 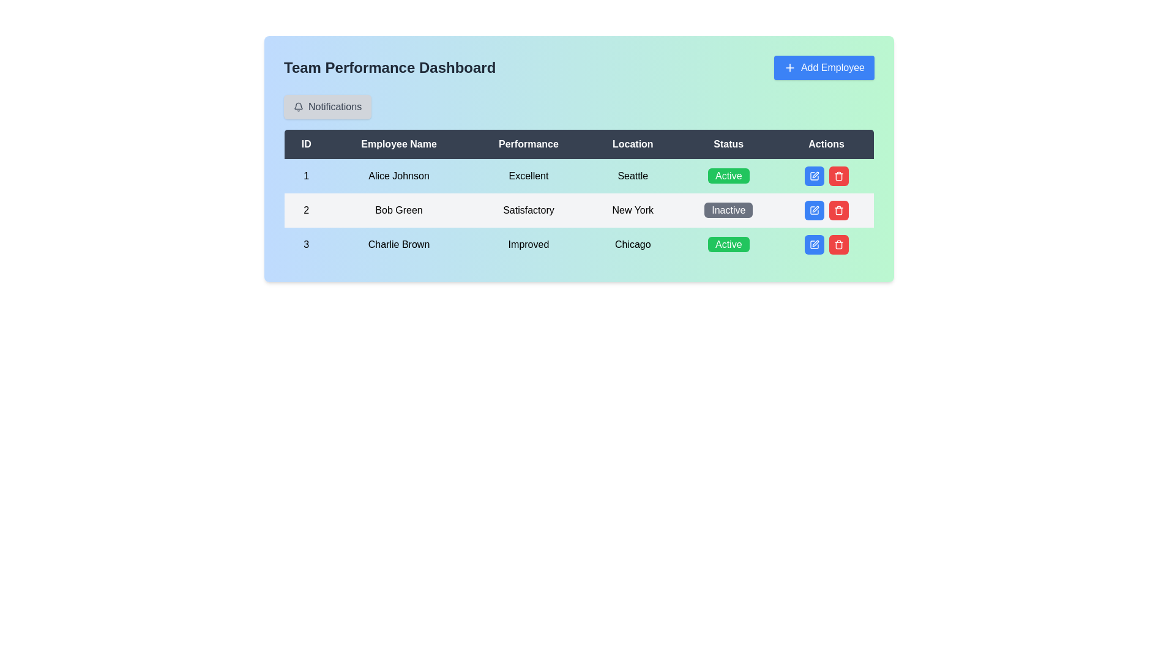 What do you see at coordinates (728, 244) in the screenshot?
I see `the 'Active' status label for 'Charlie Brown' in the Status column of the table, which is the third row` at bounding box center [728, 244].